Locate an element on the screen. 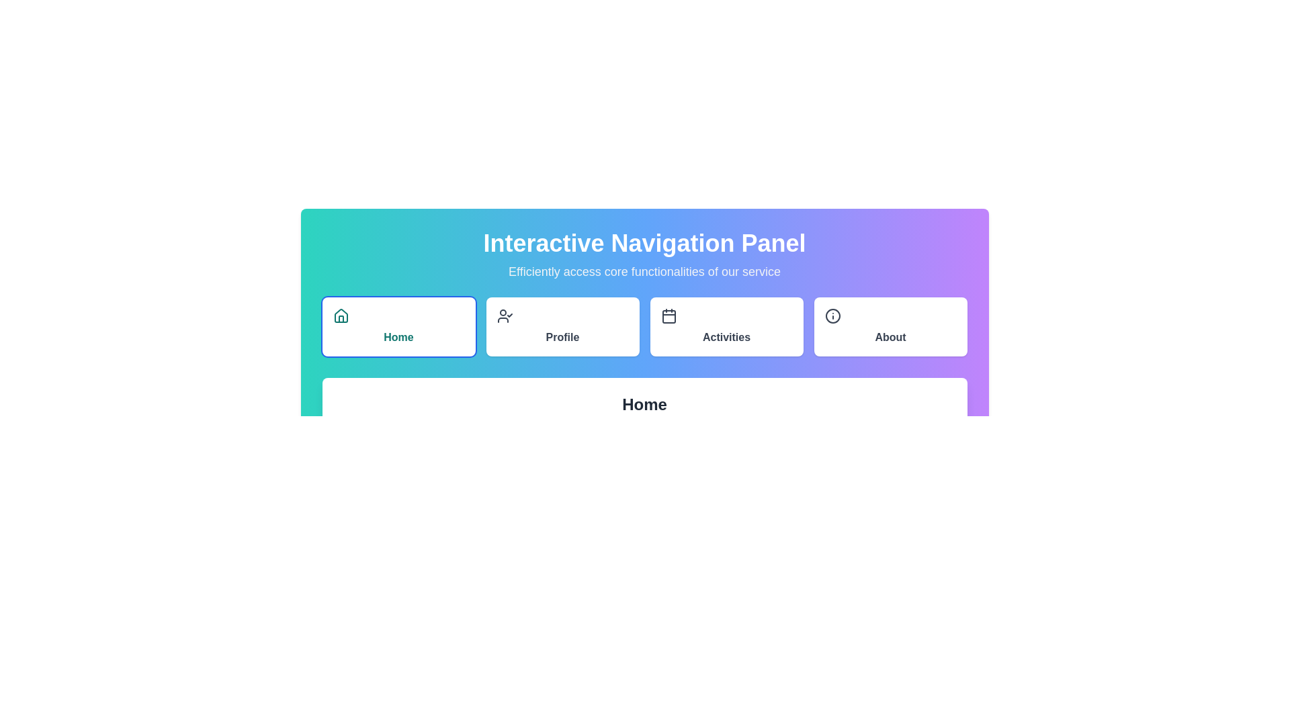 The height and width of the screenshot is (725, 1290). the house icon with a teal outline in the Interactive Navigation Panel, located in the top-left corner of the 'Home' section is located at coordinates (341, 316).